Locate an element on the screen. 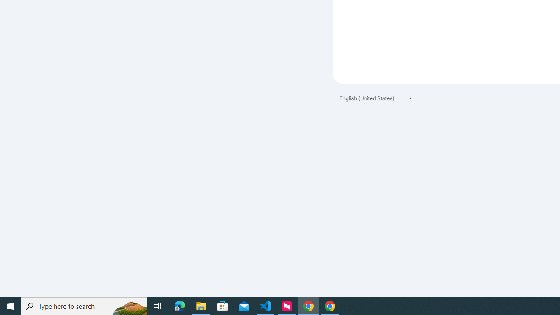 This screenshot has width=560, height=315. 'English (United States)' is located at coordinates (376, 98).